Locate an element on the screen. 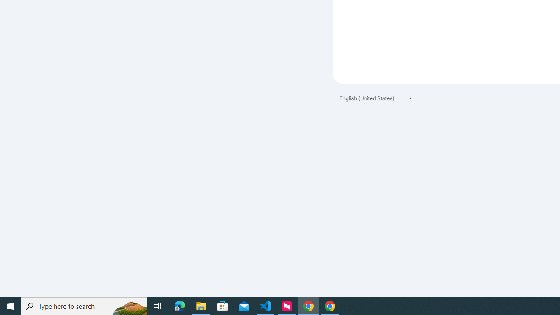 This screenshot has width=560, height=315. 'English (United States)' is located at coordinates (376, 98).